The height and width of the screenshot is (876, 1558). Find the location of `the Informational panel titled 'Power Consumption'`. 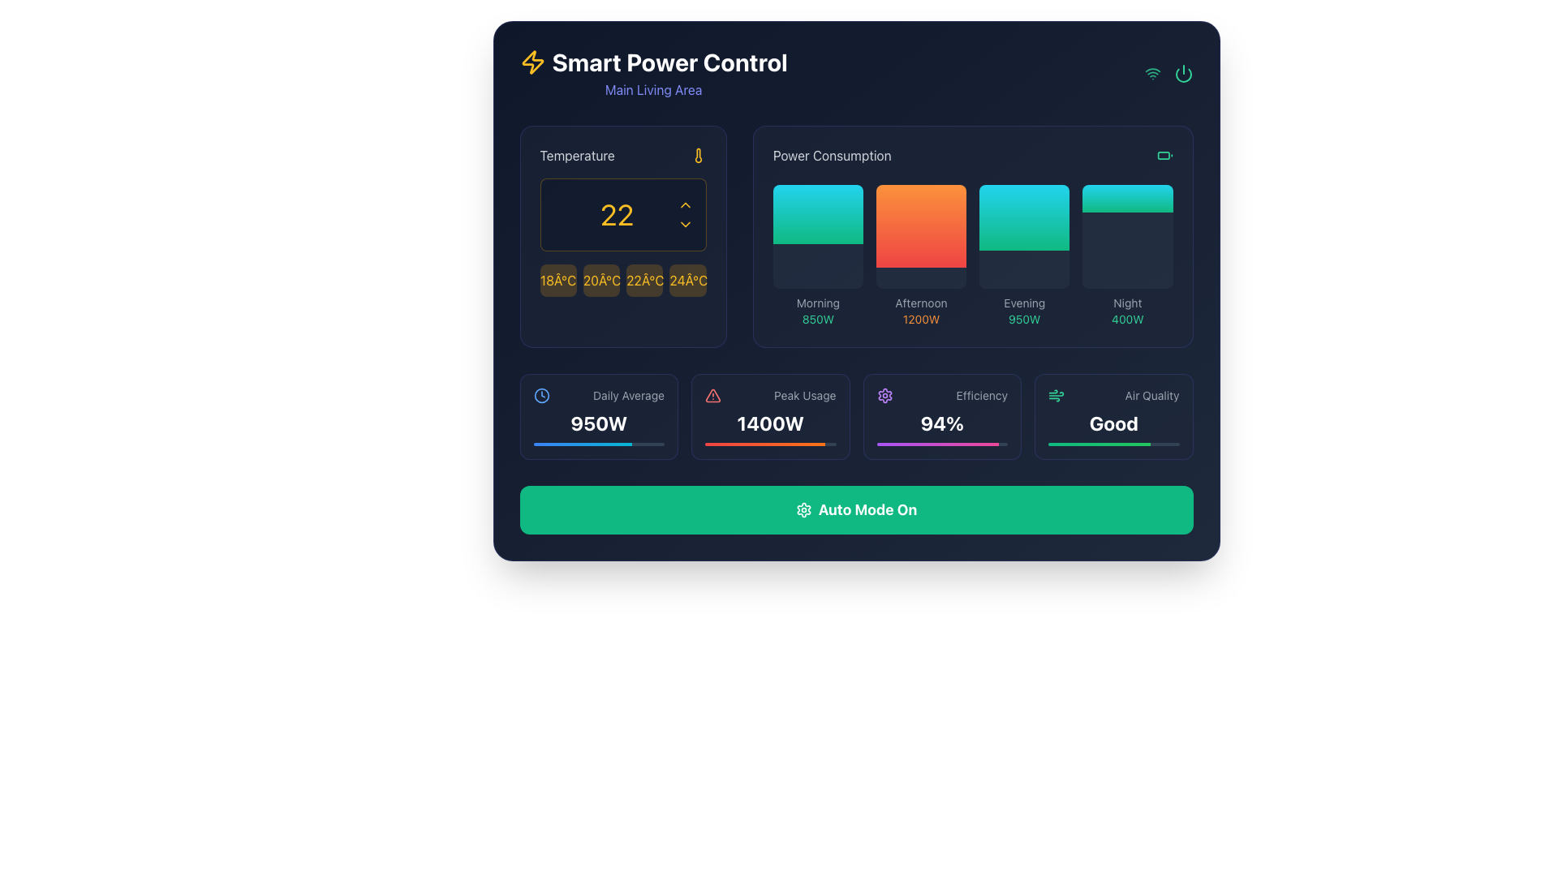

the Informational panel titled 'Power Consumption' is located at coordinates (973, 237).